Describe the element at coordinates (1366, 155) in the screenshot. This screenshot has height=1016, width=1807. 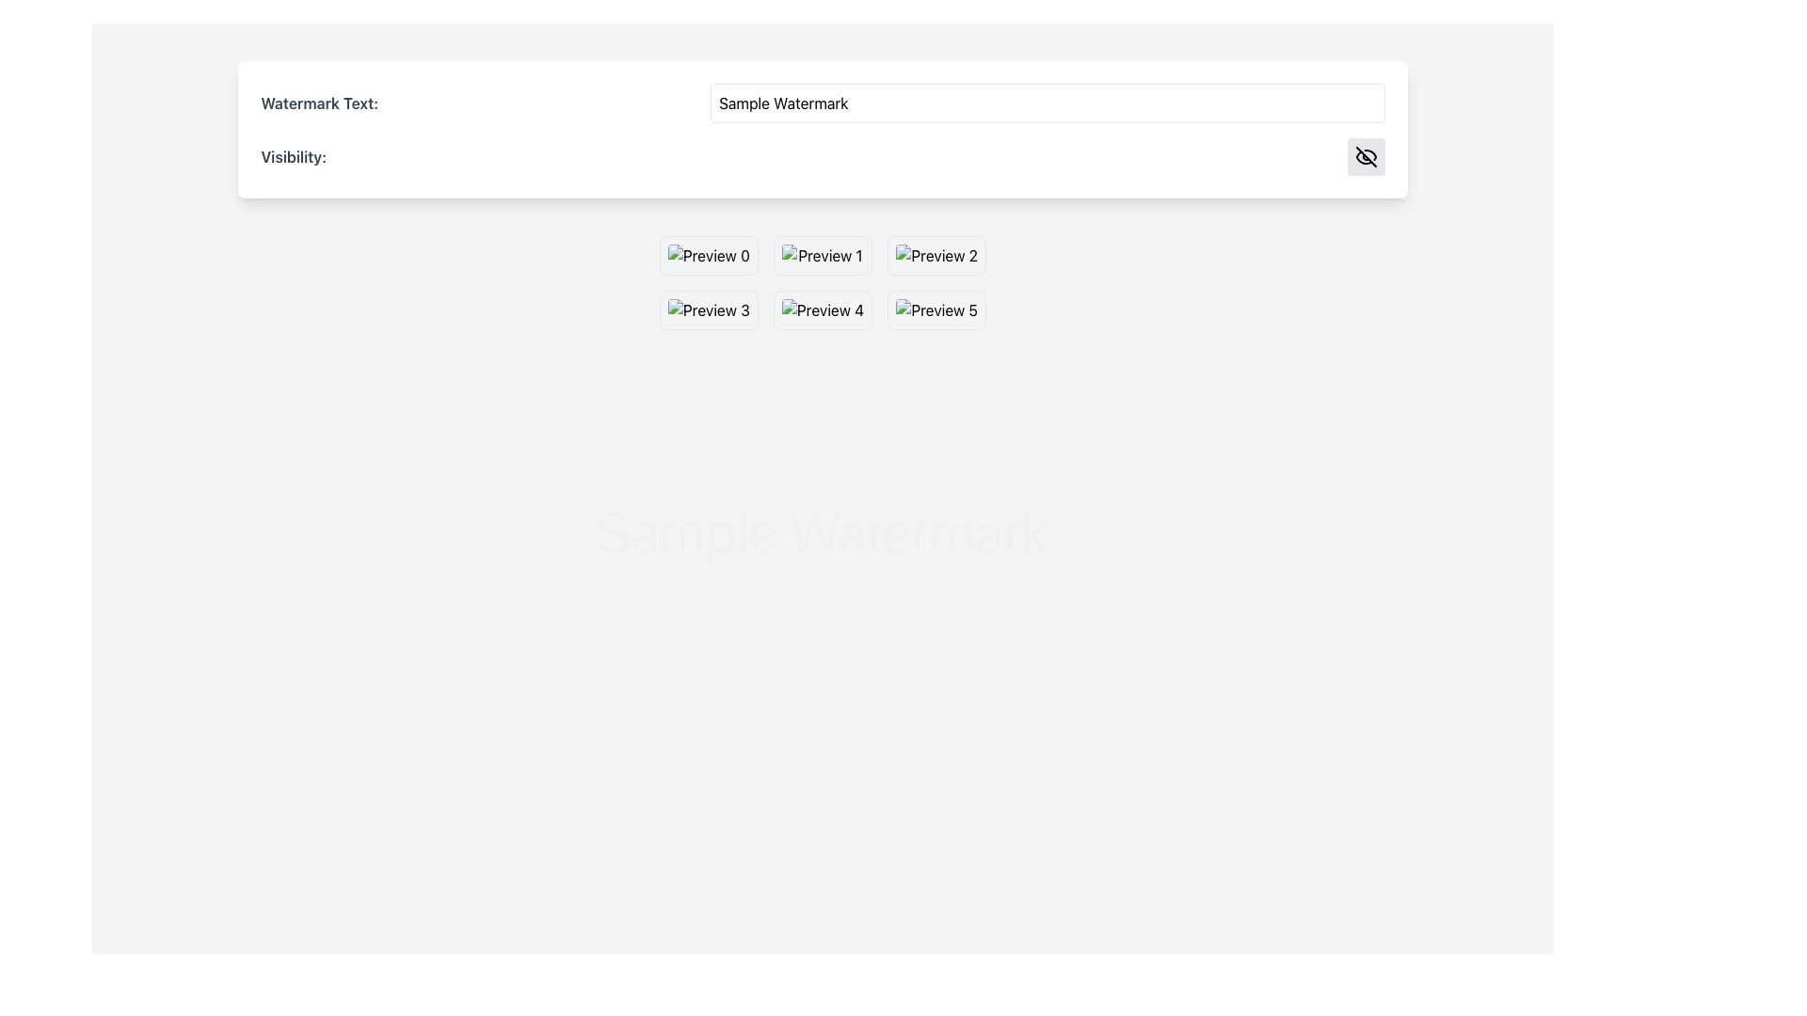
I see `the vector graphic-based icon located in the 'Visibility' section, positioned at the top-right corner of the section` at that location.